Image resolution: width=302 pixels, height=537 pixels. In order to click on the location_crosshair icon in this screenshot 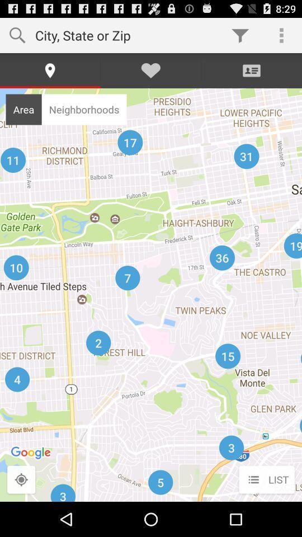, I will do `click(21, 514)`.